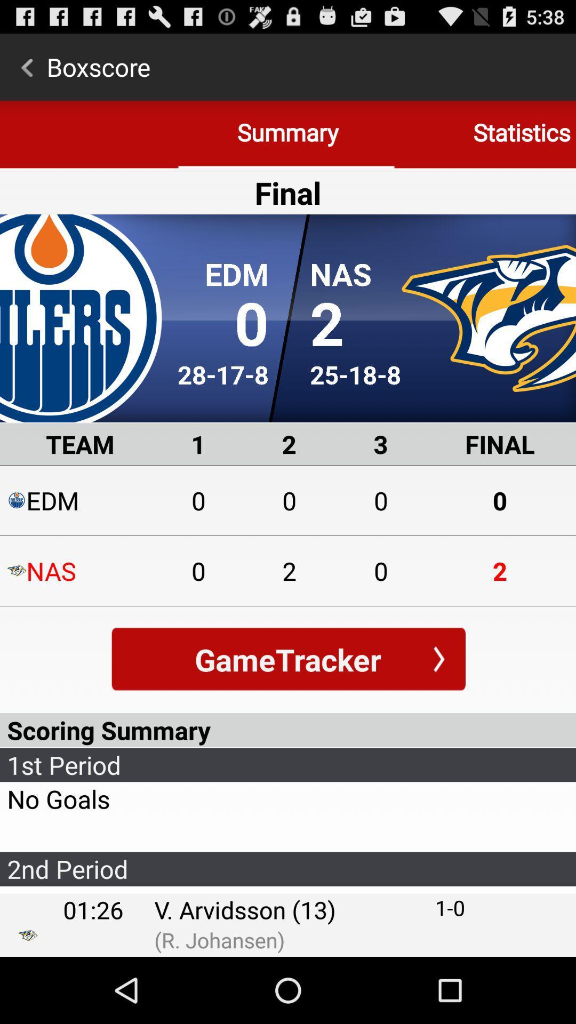 The image size is (576, 1024). What do you see at coordinates (288, 659) in the screenshot?
I see `the gametracker item` at bounding box center [288, 659].